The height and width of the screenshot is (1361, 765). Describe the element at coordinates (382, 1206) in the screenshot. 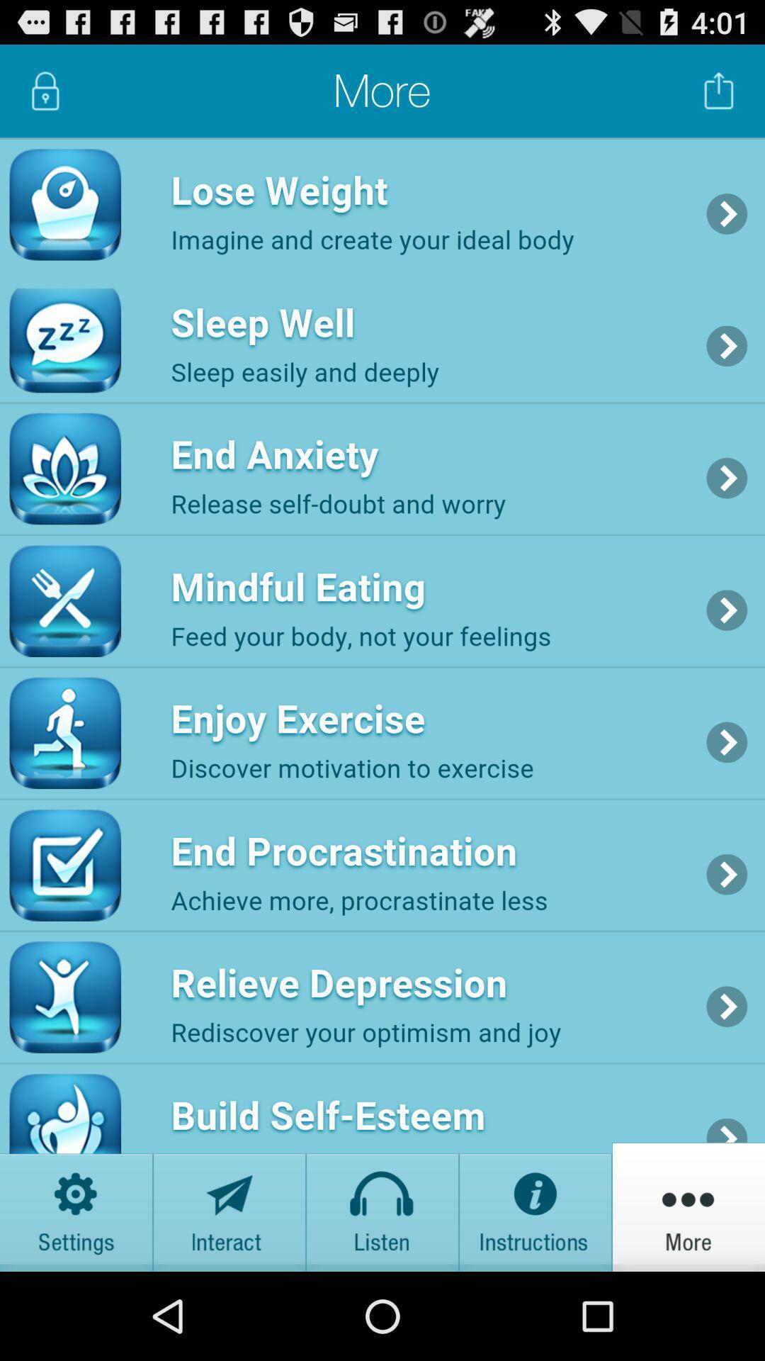

I see `click on listen` at that location.